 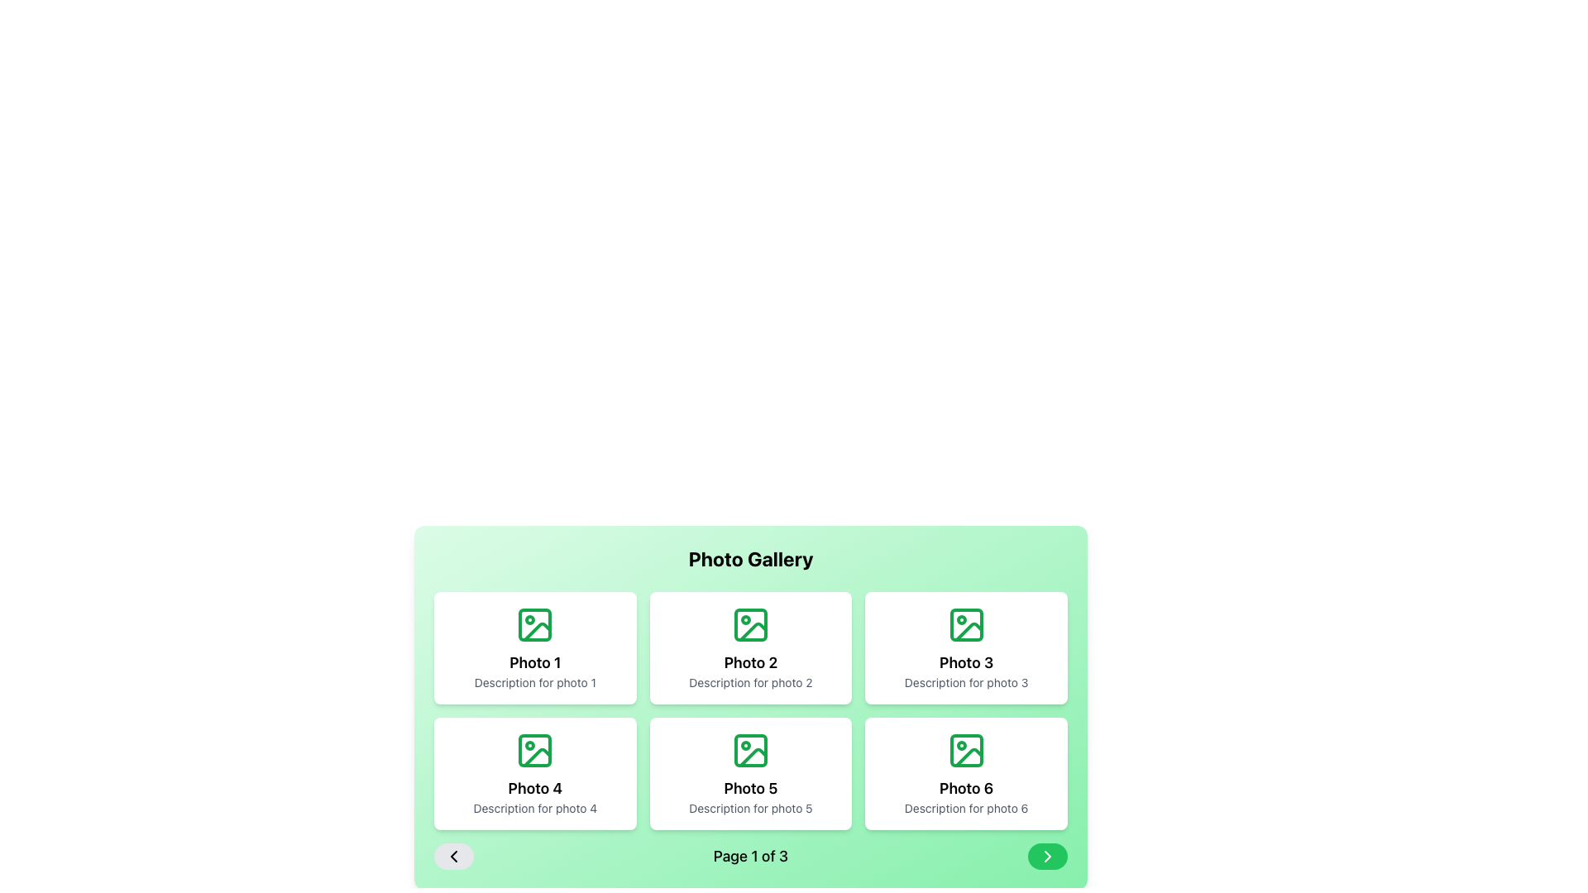 What do you see at coordinates (1047, 856) in the screenshot?
I see `the right-chevron arrow icon button within the green pagination button located at the bottom-right corner of the 'Photo Gallery' interface` at bounding box center [1047, 856].